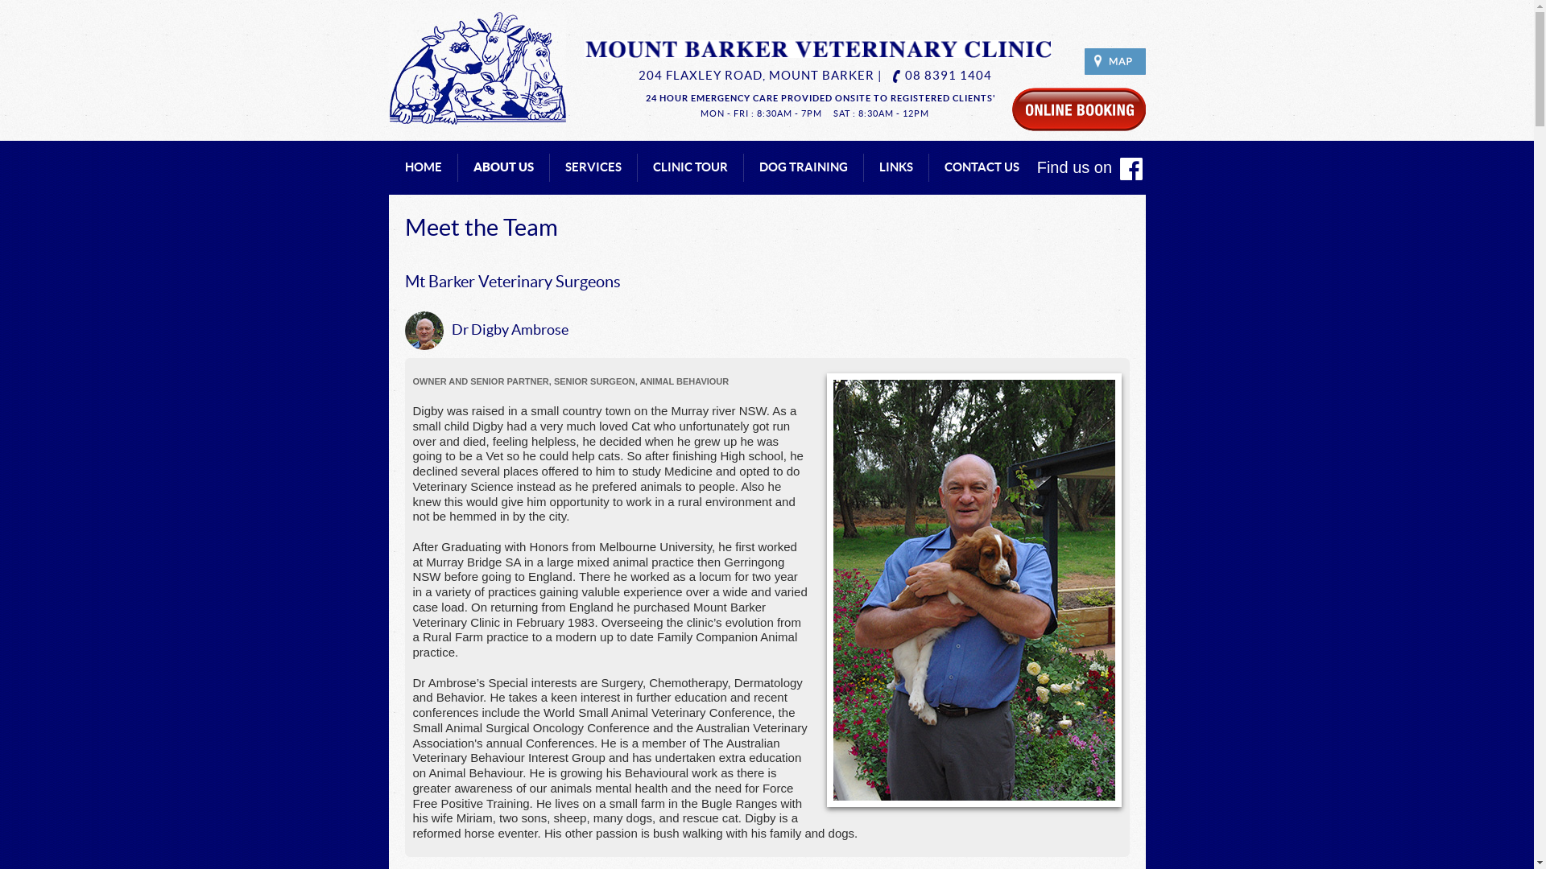 This screenshot has width=1546, height=869. I want to click on 'HOME', so click(422, 167).